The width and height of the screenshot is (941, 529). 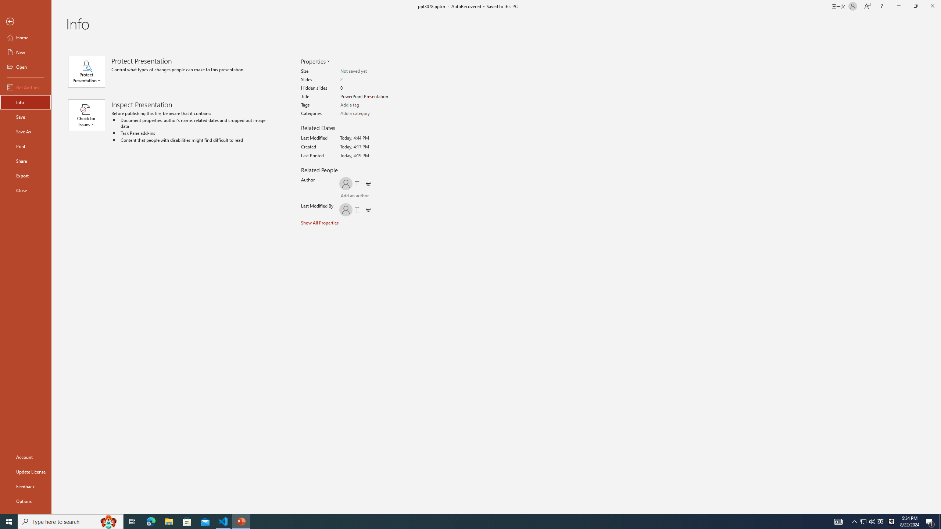 What do you see at coordinates (25, 101) in the screenshot?
I see `'Info'` at bounding box center [25, 101].